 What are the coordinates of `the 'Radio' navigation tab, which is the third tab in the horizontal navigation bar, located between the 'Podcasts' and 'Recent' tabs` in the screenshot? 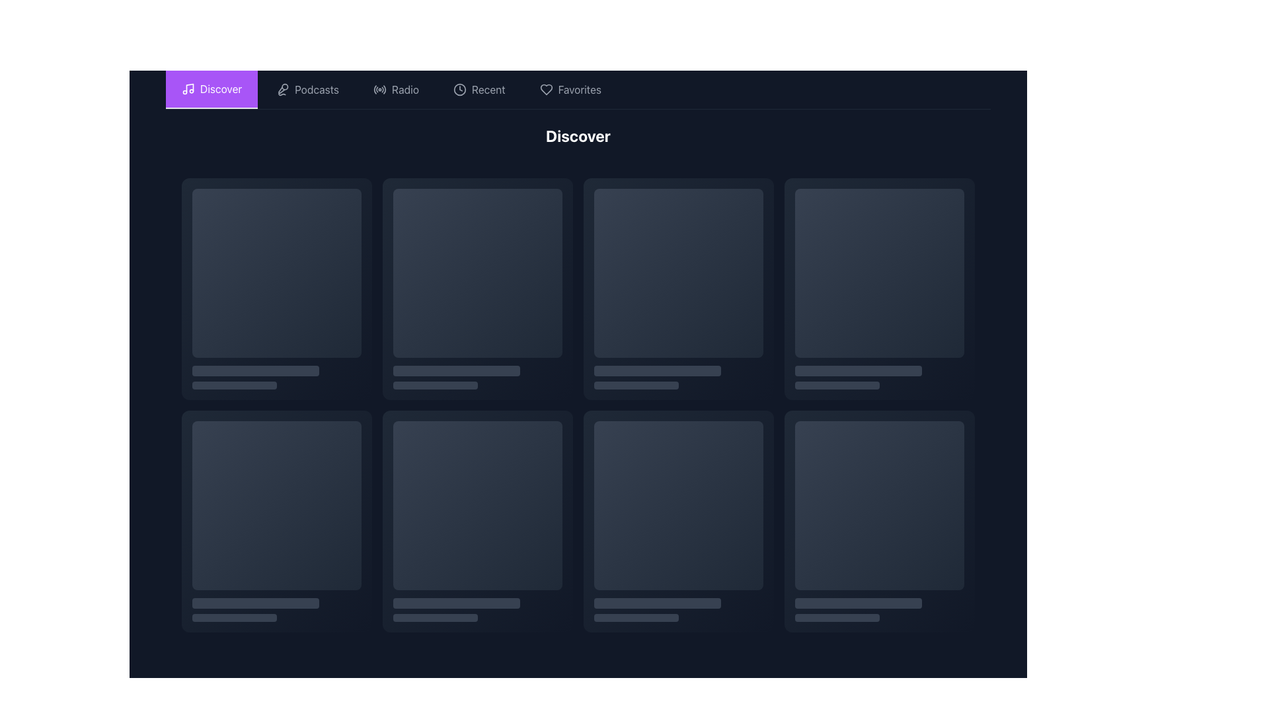 It's located at (395, 89).